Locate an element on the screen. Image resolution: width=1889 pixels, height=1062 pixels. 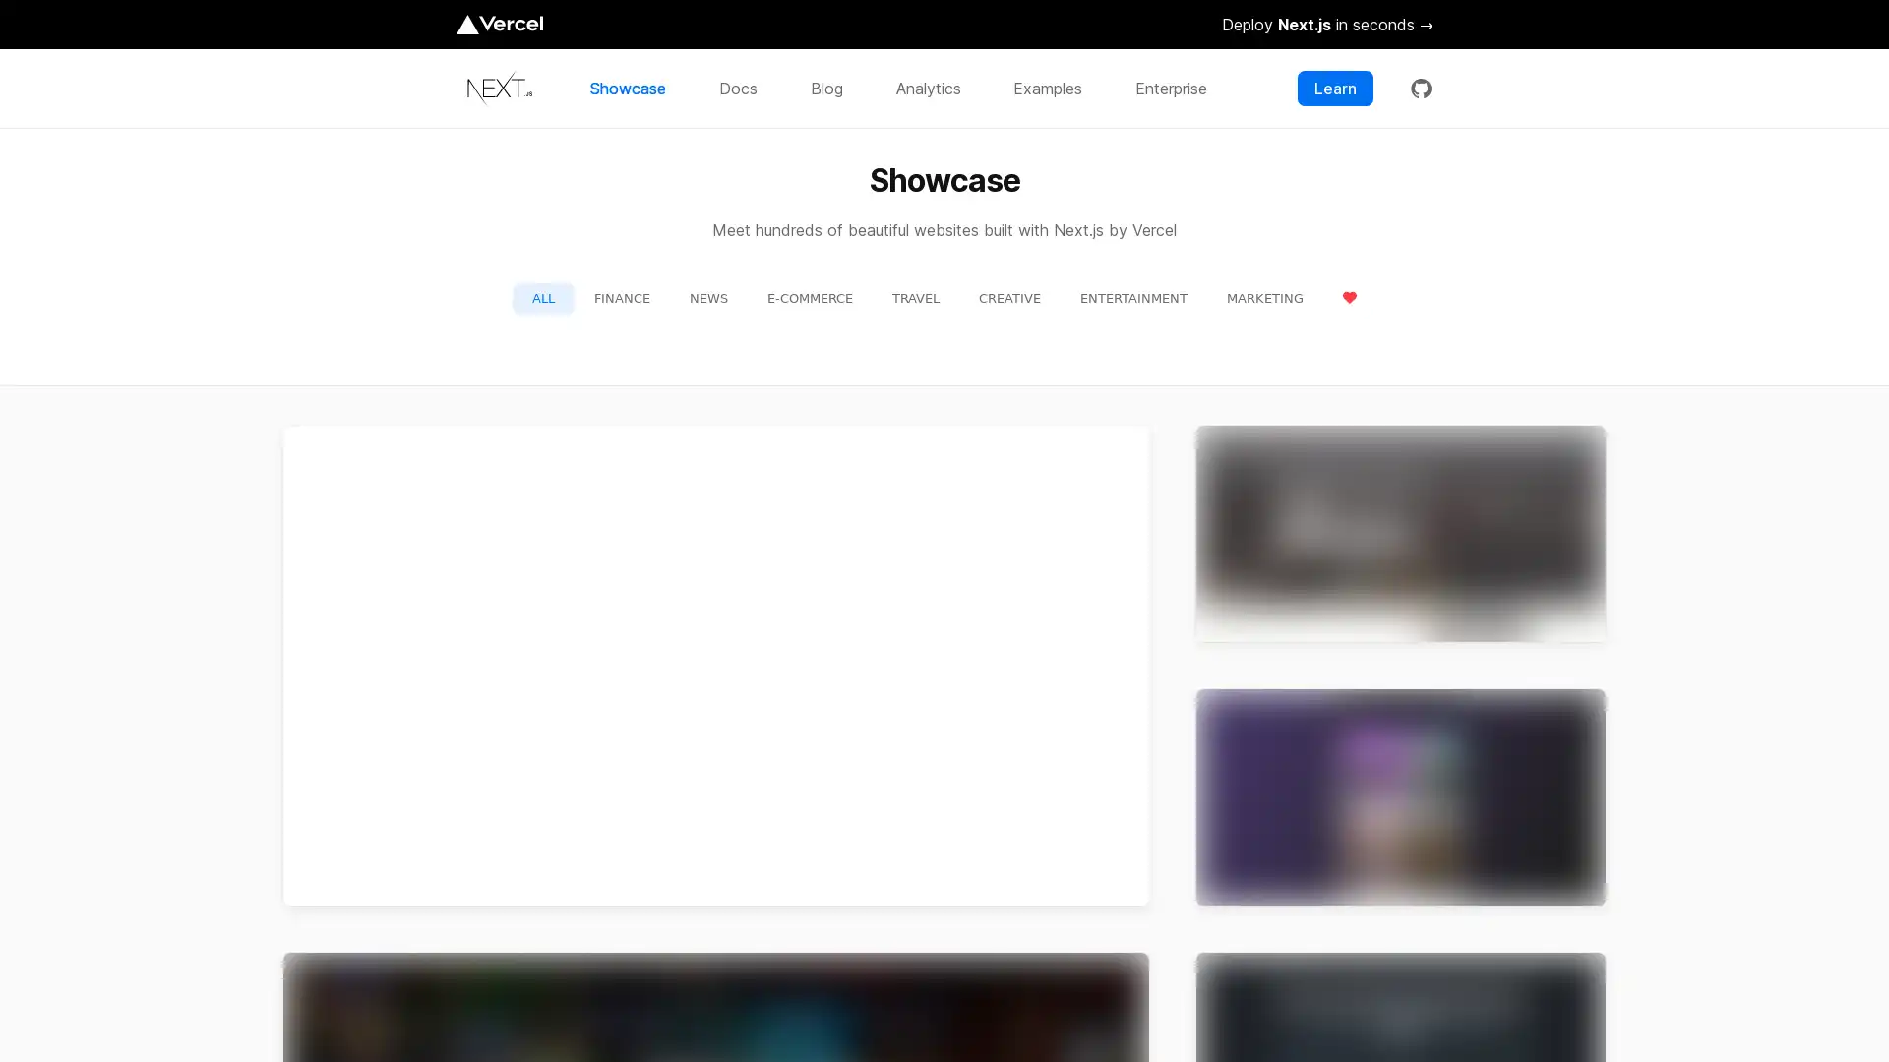
CREATIVE is located at coordinates (1009, 298).